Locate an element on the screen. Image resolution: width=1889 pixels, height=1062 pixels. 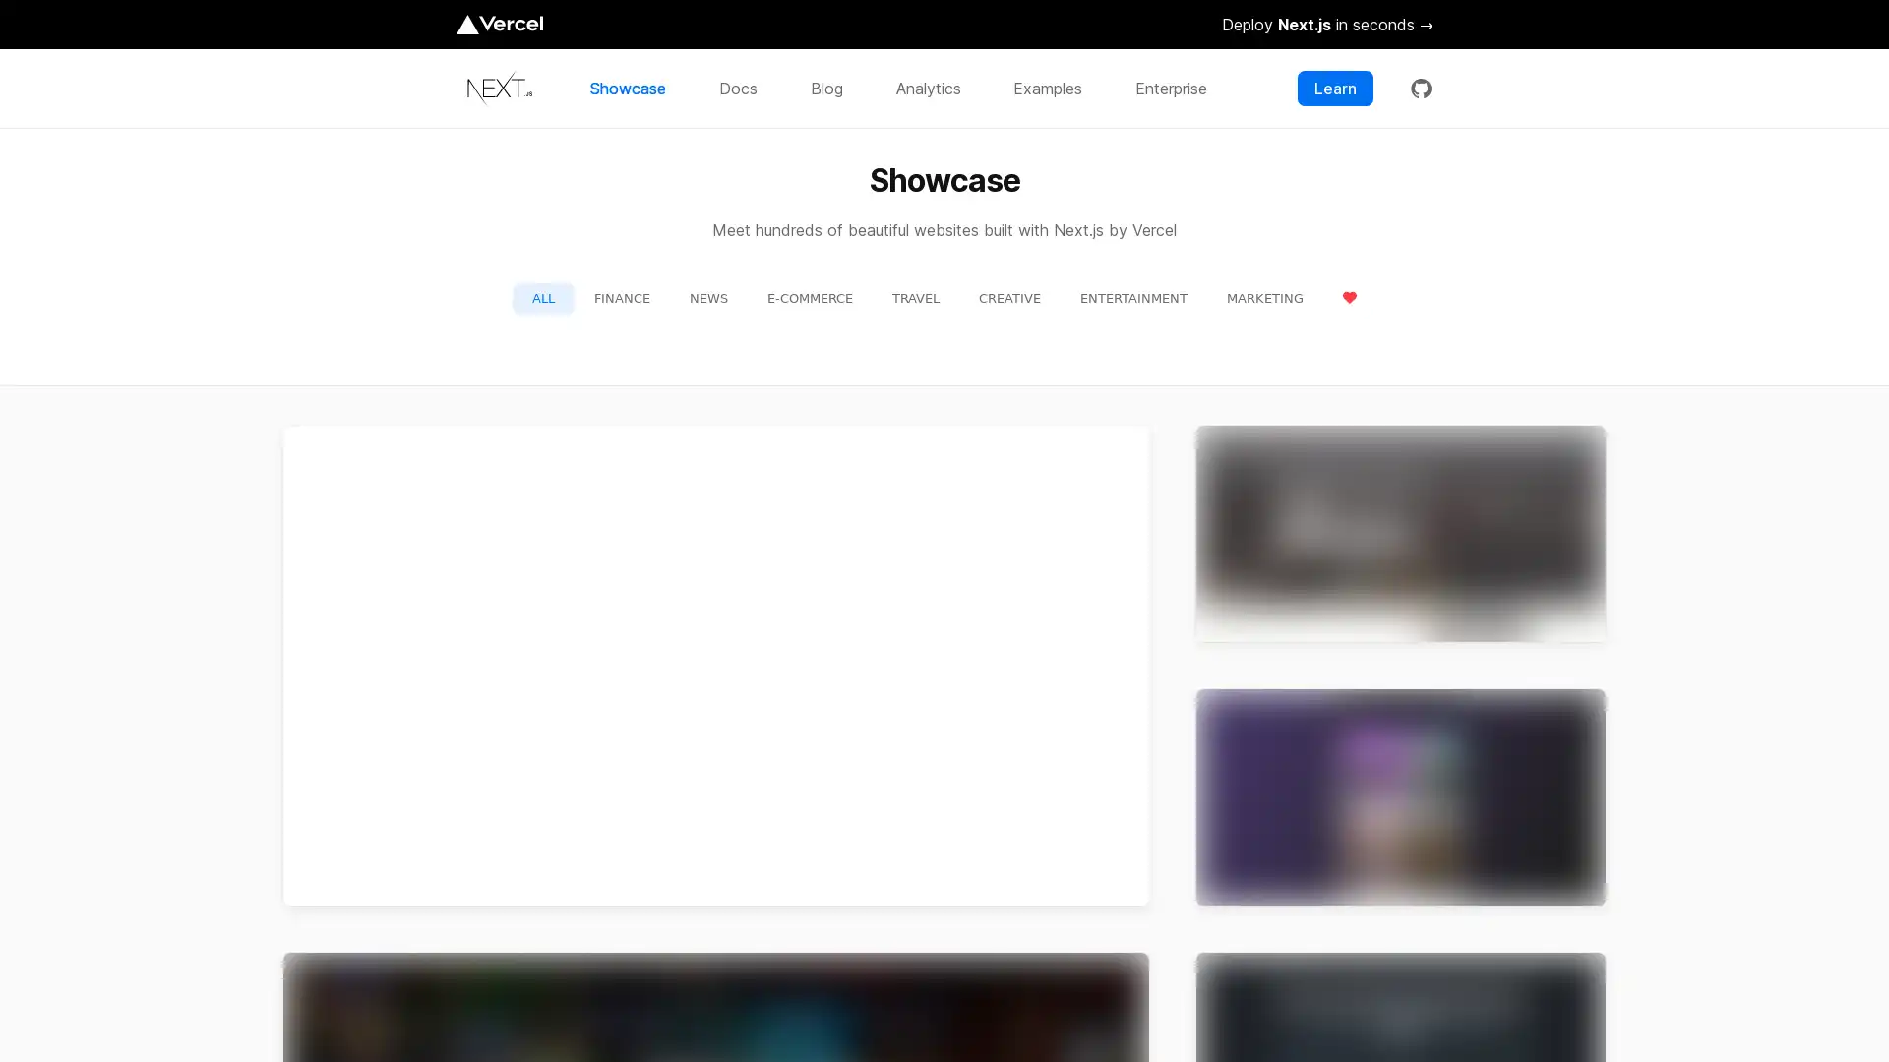
CREATIVE is located at coordinates (1009, 298).